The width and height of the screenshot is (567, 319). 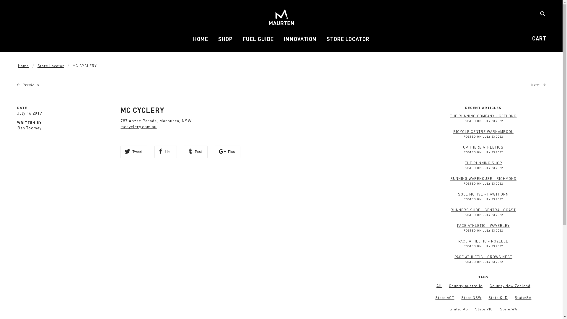 I want to click on 'THE RUNNING COMPANY - GEELONG', so click(x=483, y=116).